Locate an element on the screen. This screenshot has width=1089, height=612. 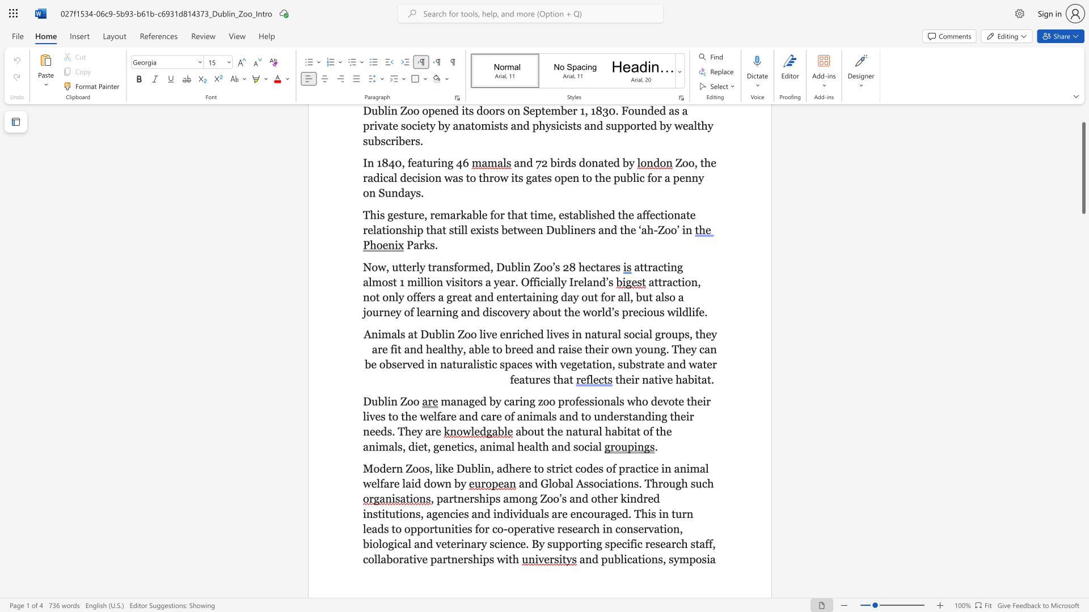
the subset text "n, n" within the text "attraction, not only" is located at coordinates (690, 281).